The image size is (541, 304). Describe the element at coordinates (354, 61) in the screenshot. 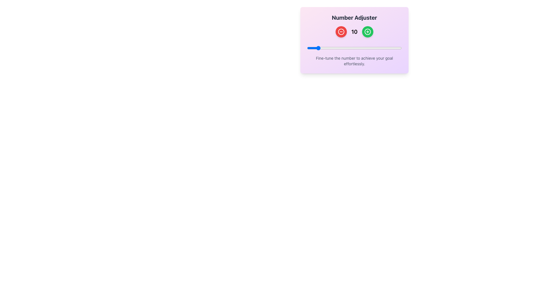

I see `the static text element containing the phrase 'Fine-tune the number to achieve your goal effortlessly.' which is styled in small gray font and is center-aligned within its section` at that location.